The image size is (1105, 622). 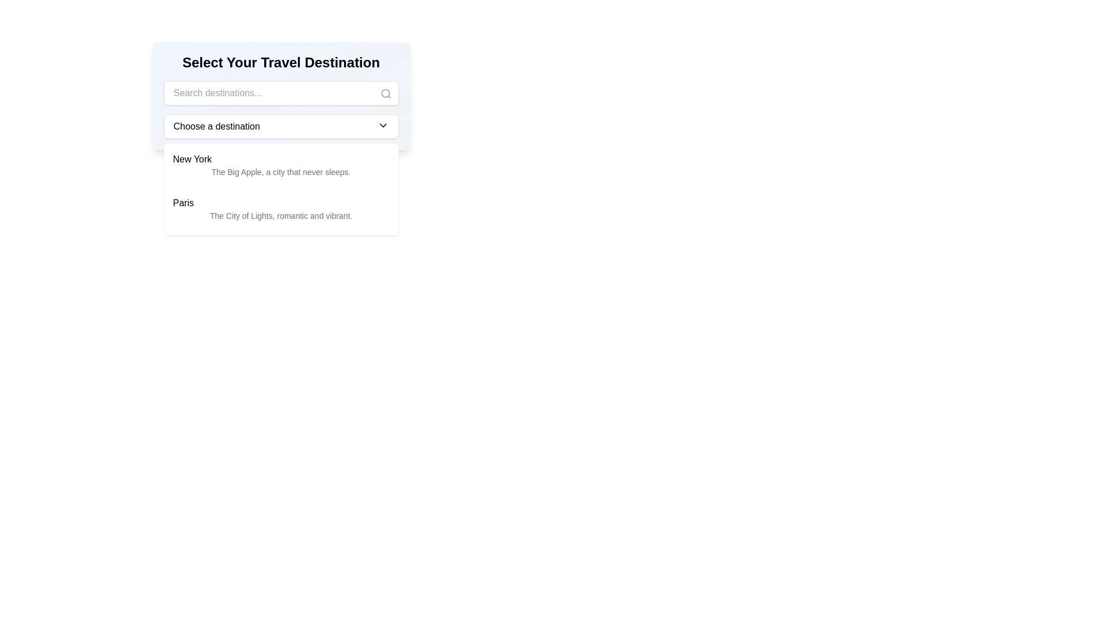 I want to click on the visual state of the circular SVG component associated with the 'Search destinations...' input field, located at the top-right corner of the search box, so click(x=385, y=93).